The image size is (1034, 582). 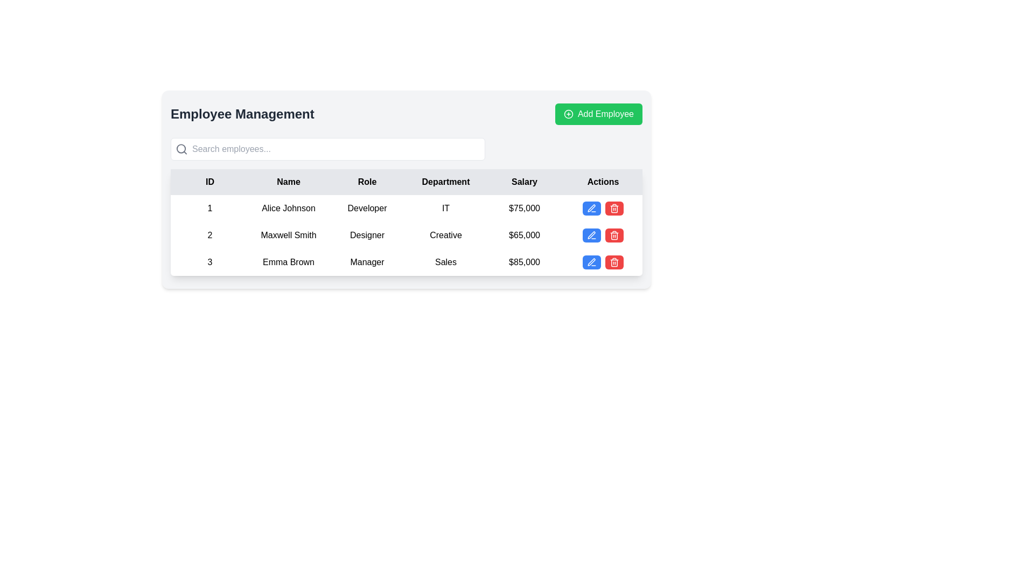 I want to click on the 'Add Employee' button with a green background and rounded corners located in the top-right corner of the 'Employee Management' section, so click(x=598, y=114).